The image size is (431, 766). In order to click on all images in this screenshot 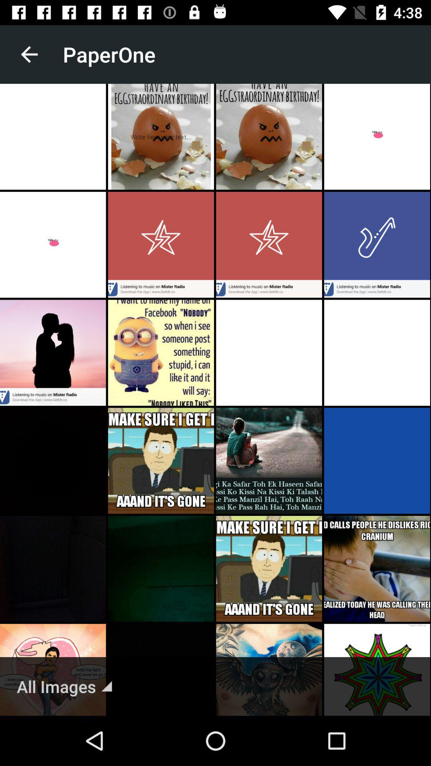, I will do `click(64, 686)`.